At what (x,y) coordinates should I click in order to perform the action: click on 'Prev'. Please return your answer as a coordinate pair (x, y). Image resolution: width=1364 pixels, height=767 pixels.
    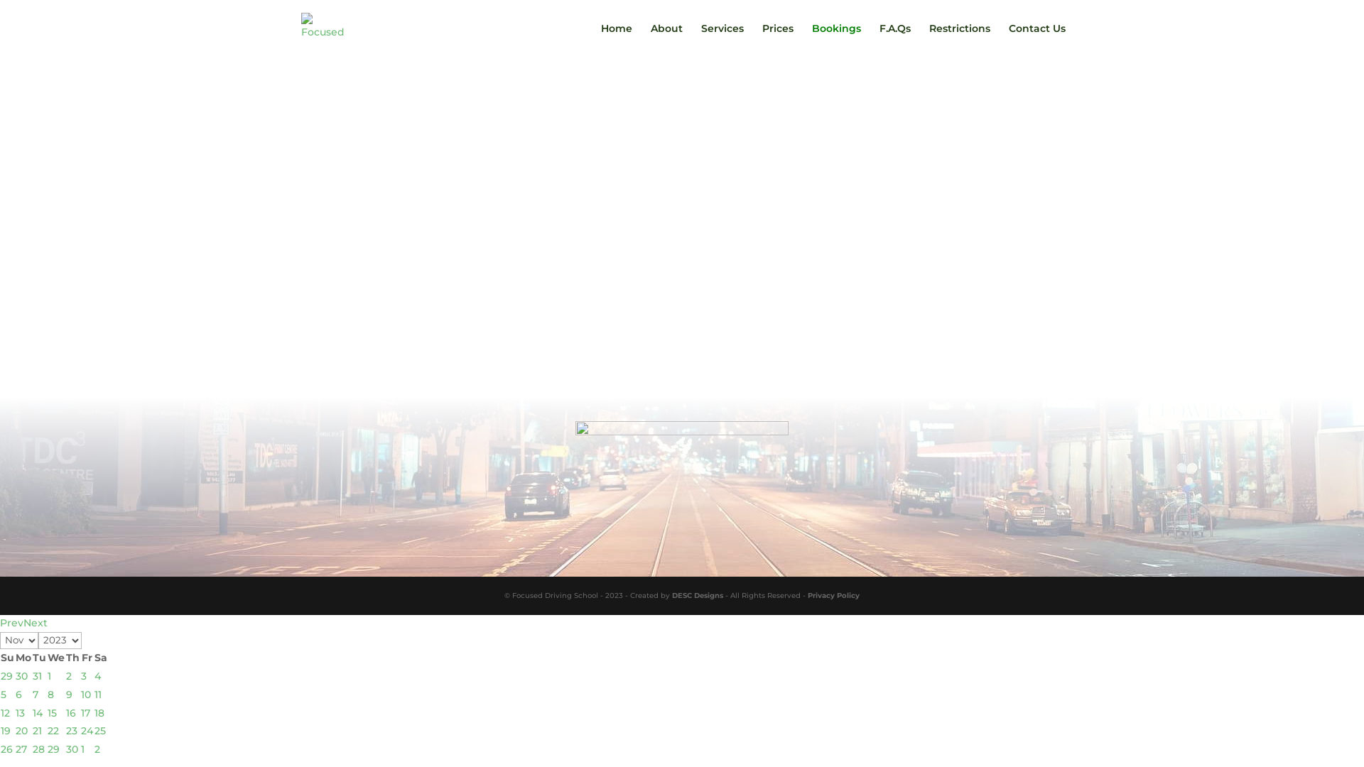
    Looking at the image, I should click on (11, 621).